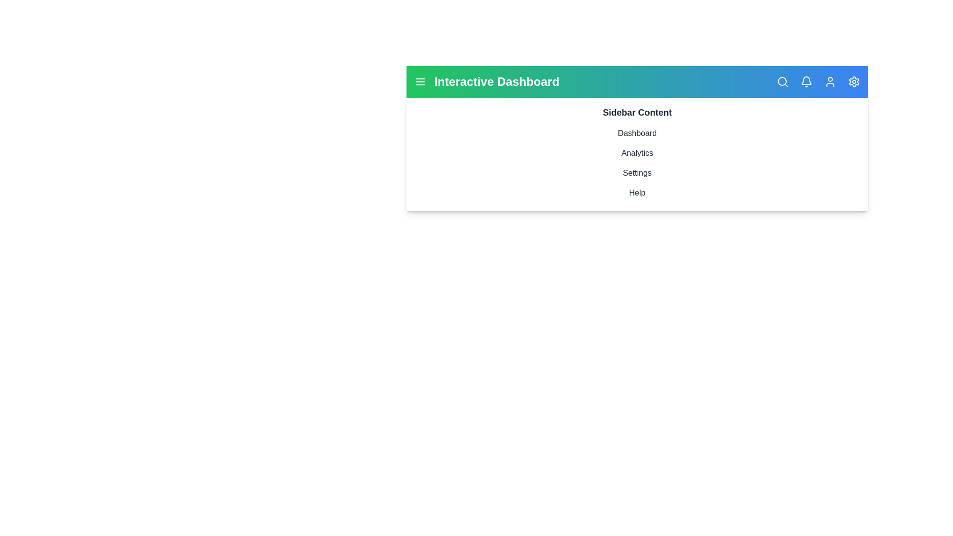 This screenshot has width=953, height=536. What do you see at coordinates (807, 81) in the screenshot?
I see `the navigation icon Bell` at bounding box center [807, 81].